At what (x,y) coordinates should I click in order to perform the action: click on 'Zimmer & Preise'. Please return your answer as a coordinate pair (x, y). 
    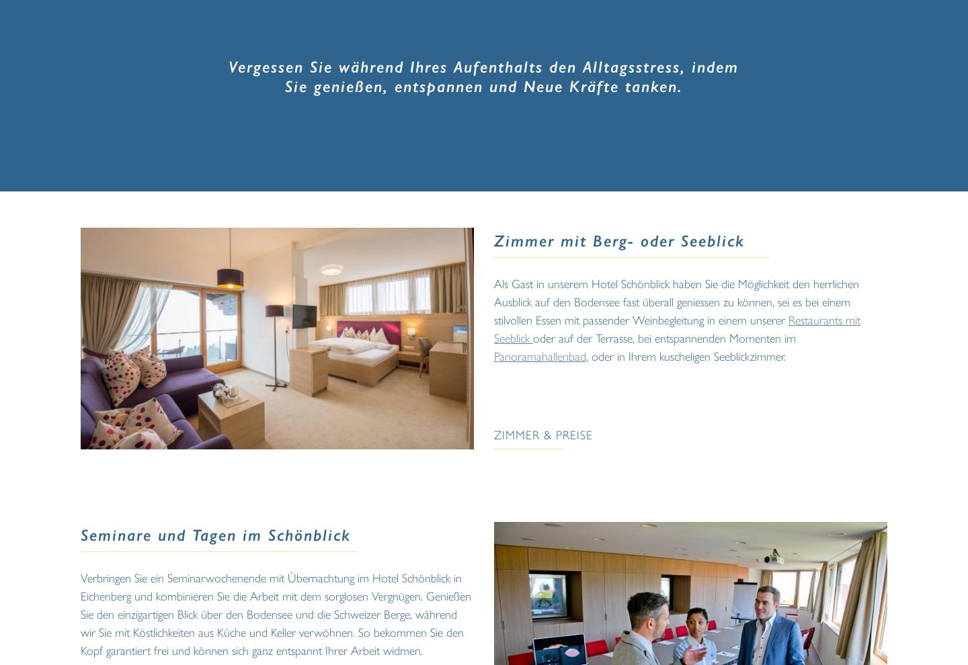
    Looking at the image, I should click on (543, 433).